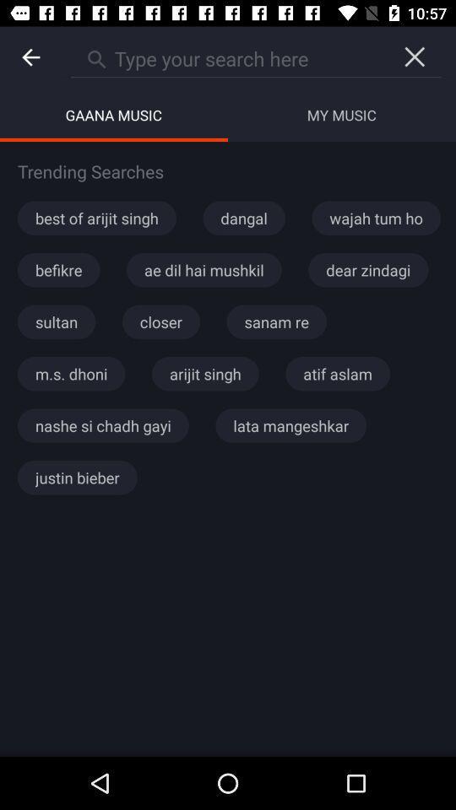 The image size is (456, 810). I want to click on ae dil hai icon, so click(204, 270).